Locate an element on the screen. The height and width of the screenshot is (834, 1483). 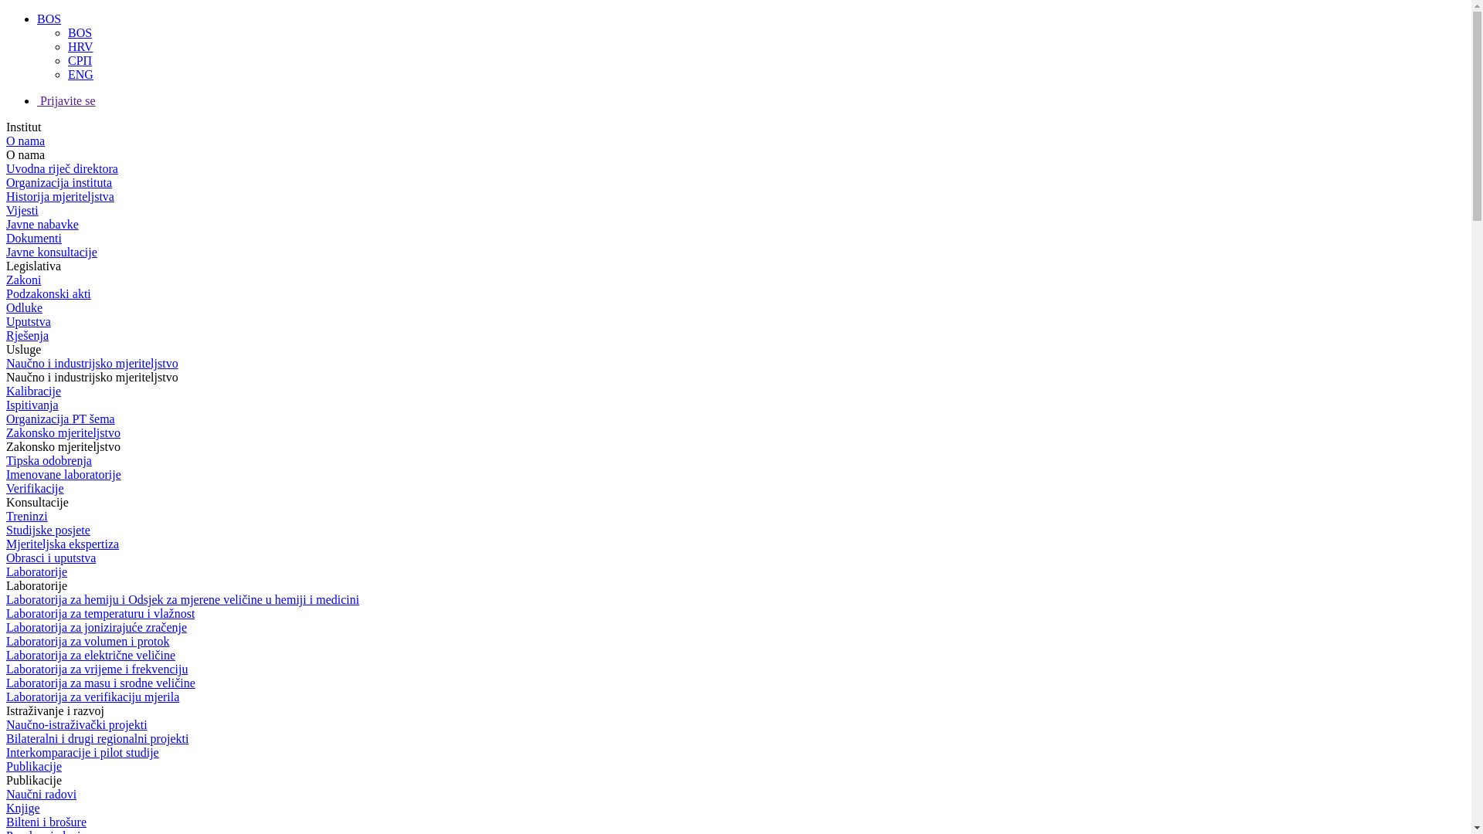
'Verifikacije' is located at coordinates (6, 488).